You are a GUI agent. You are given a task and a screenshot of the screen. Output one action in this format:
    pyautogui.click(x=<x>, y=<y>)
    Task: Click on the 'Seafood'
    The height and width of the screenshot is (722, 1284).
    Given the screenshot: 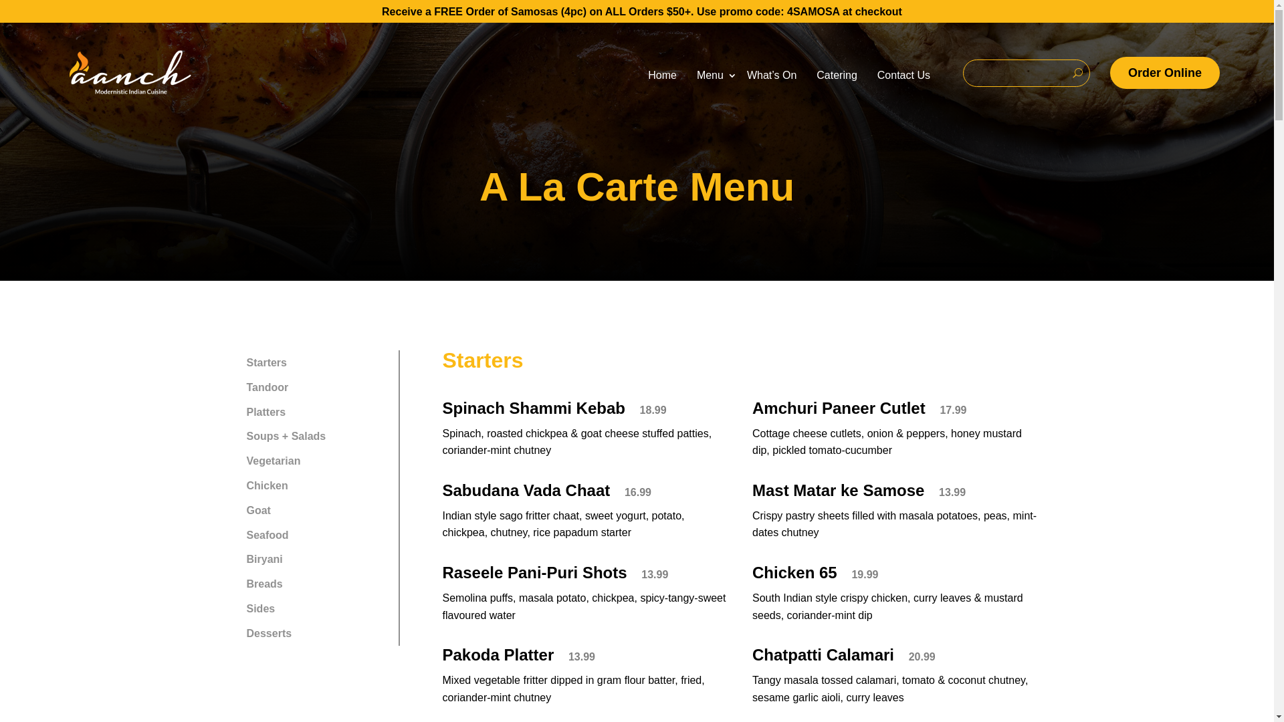 What is the action you would take?
    pyautogui.click(x=317, y=534)
    